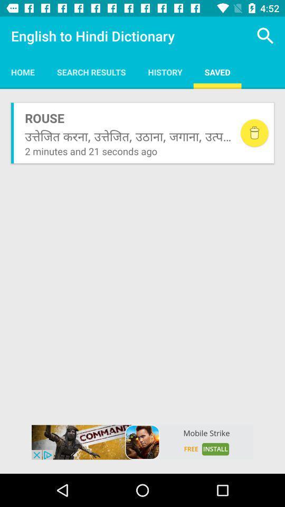  Describe the element at coordinates (254, 133) in the screenshot. I see `delete element` at that location.